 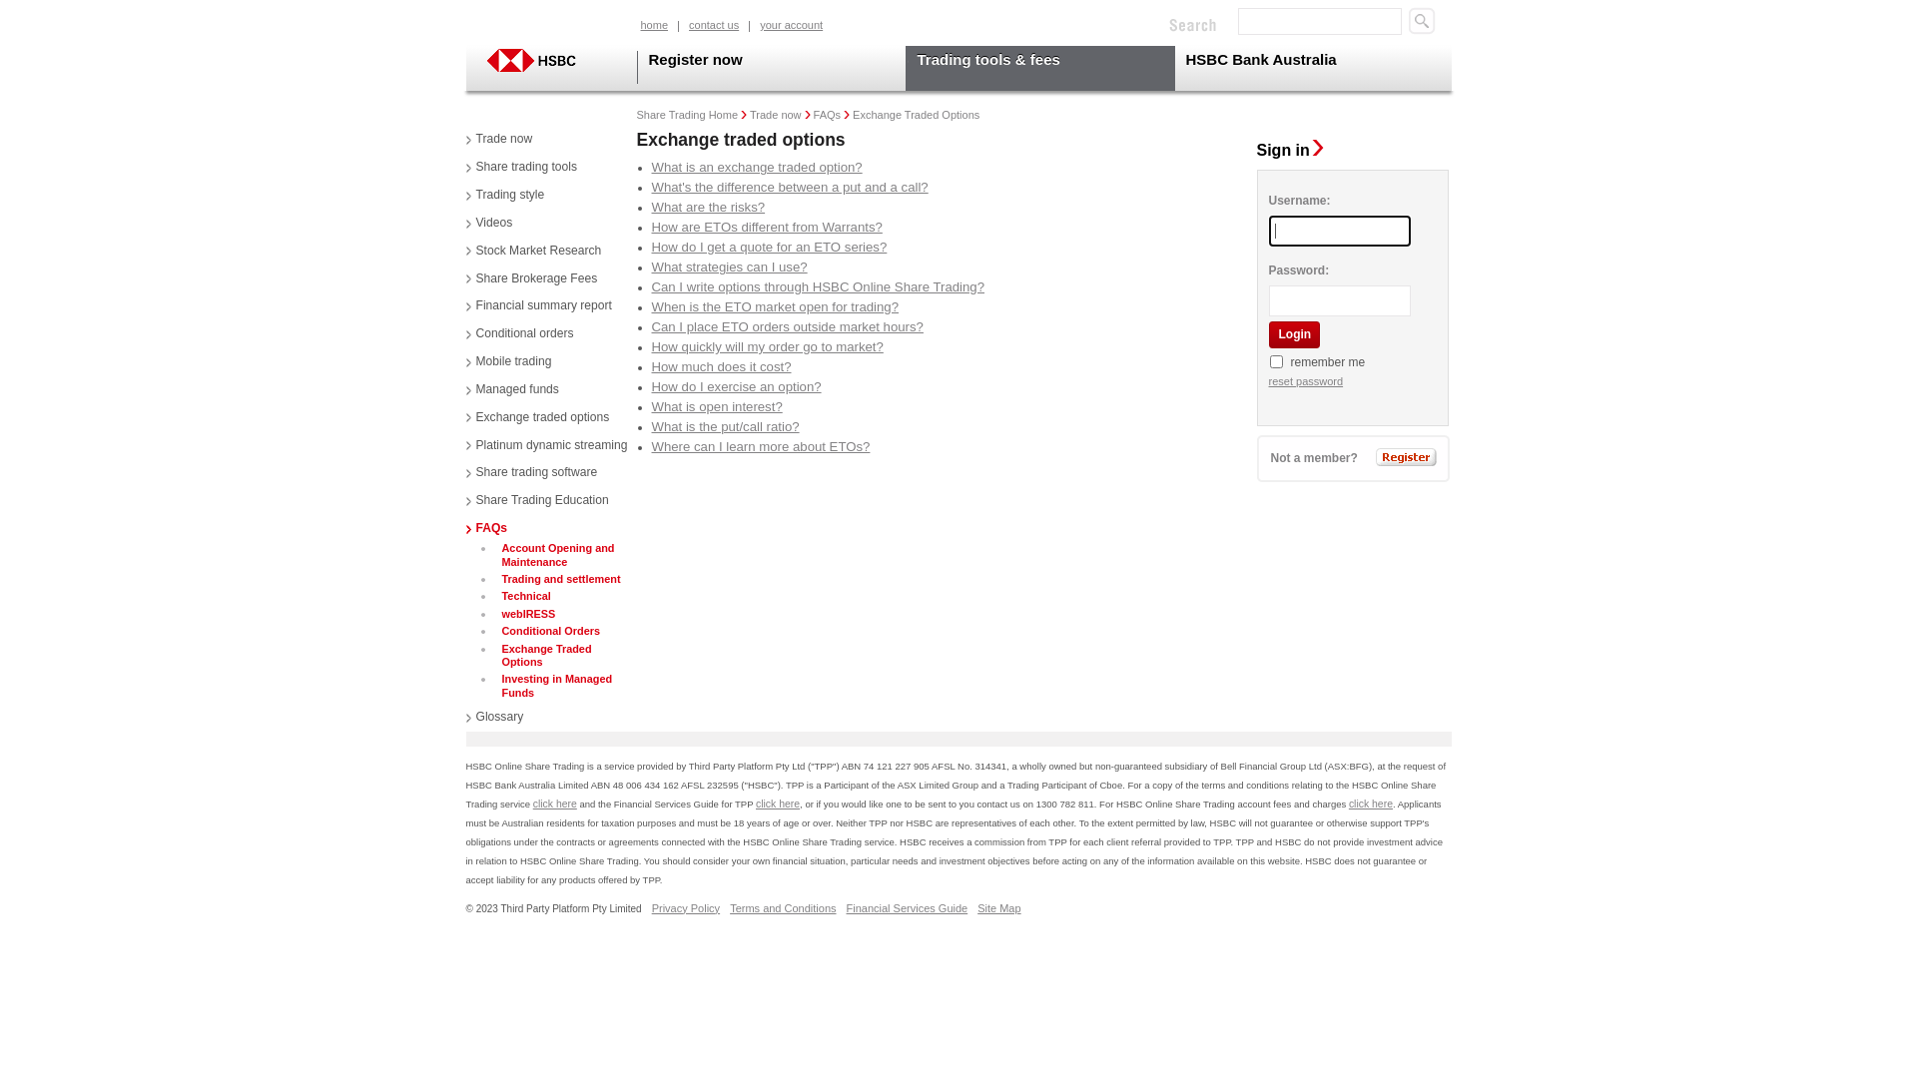 What do you see at coordinates (788, 187) in the screenshot?
I see `'What's the difference between a put and a call?'` at bounding box center [788, 187].